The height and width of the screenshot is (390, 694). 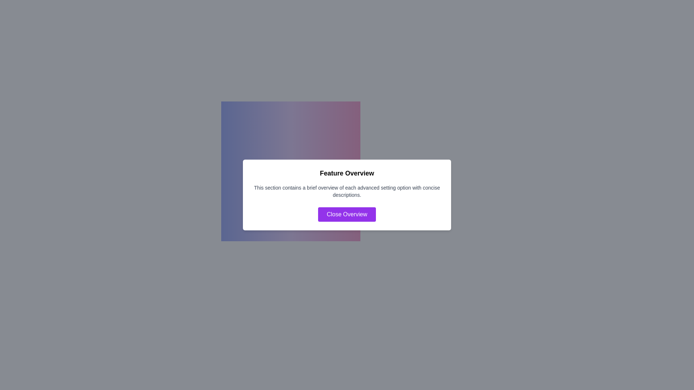 What do you see at coordinates (347, 191) in the screenshot?
I see `the Text Block element styled in smaller gray font, located below the 'Feature Overview' title` at bounding box center [347, 191].